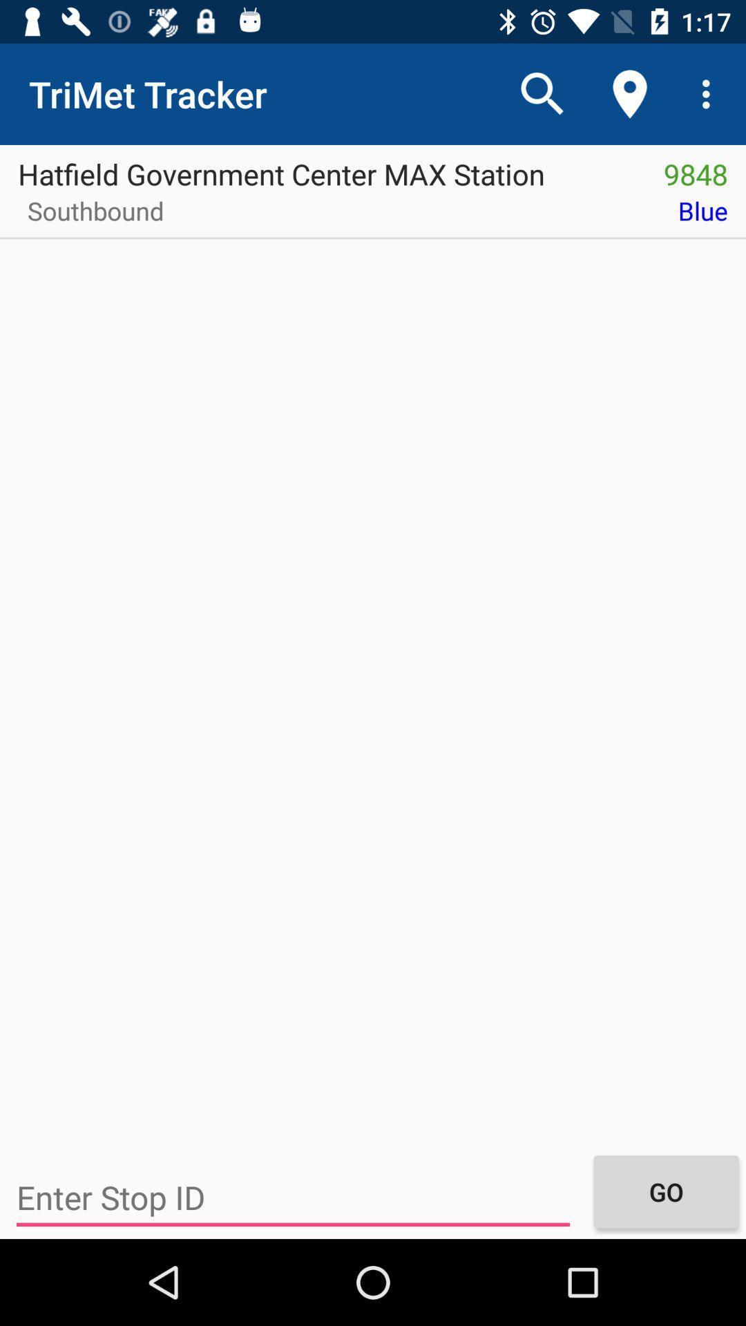 This screenshot has height=1326, width=746. Describe the element at coordinates (90, 215) in the screenshot. I see `item below hatfield government center icon` at that location.